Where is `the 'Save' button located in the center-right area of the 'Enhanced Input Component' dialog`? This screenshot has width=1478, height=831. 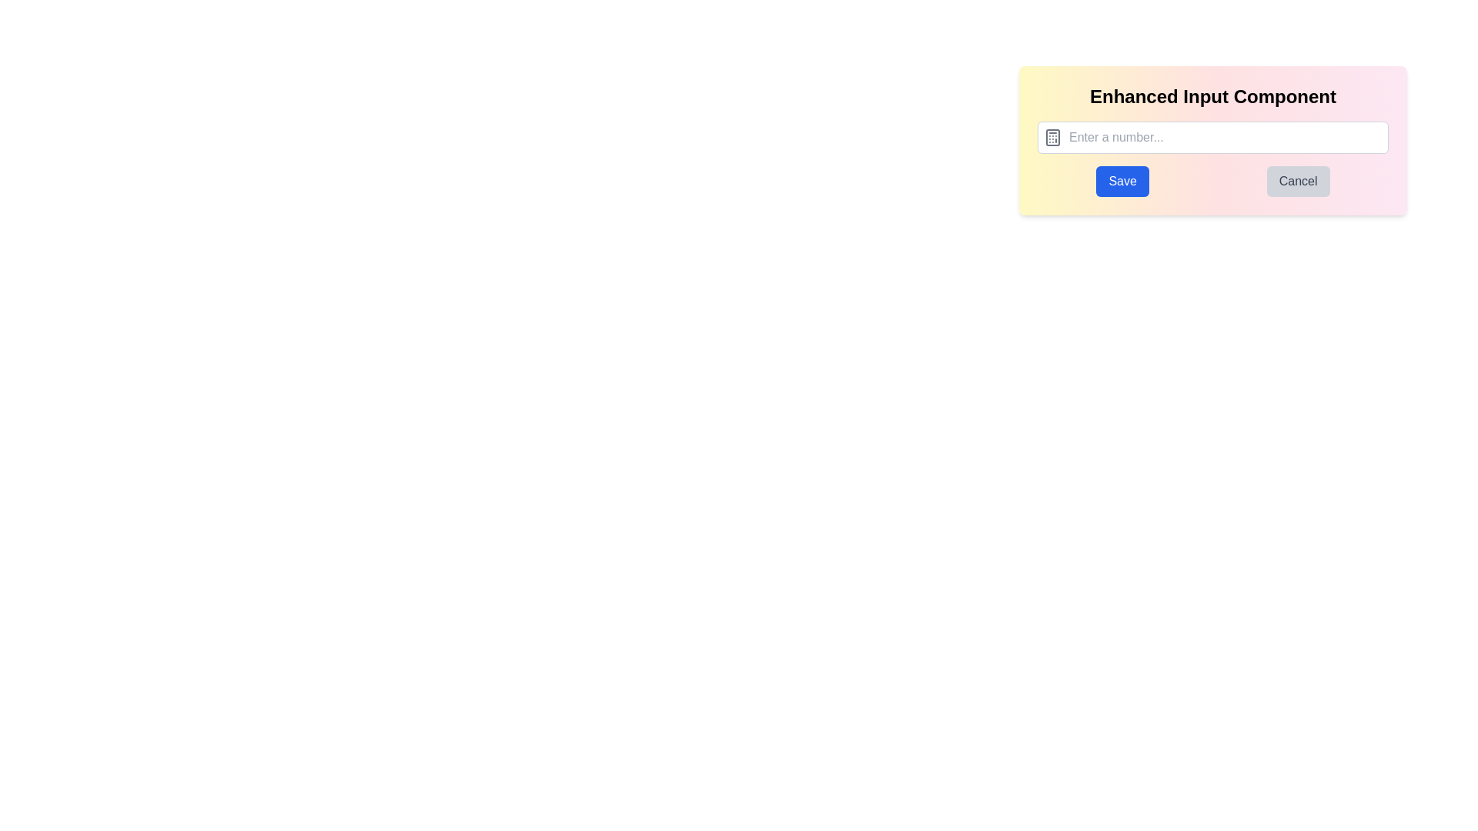
the 'Save' button located in the center-right area of the 'Enhanced Input Component' dialog is located at coordinates (1122, 180).